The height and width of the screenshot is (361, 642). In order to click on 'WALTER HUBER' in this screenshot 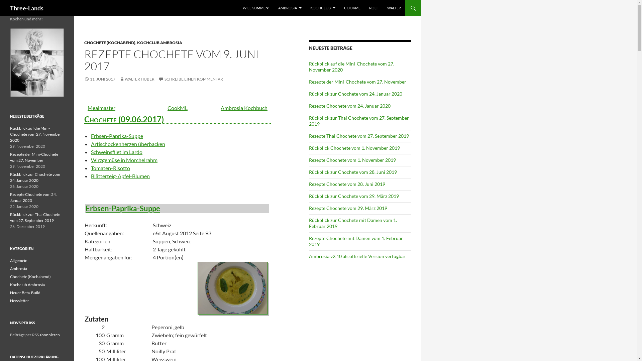, I will do `click(136, 79)`.